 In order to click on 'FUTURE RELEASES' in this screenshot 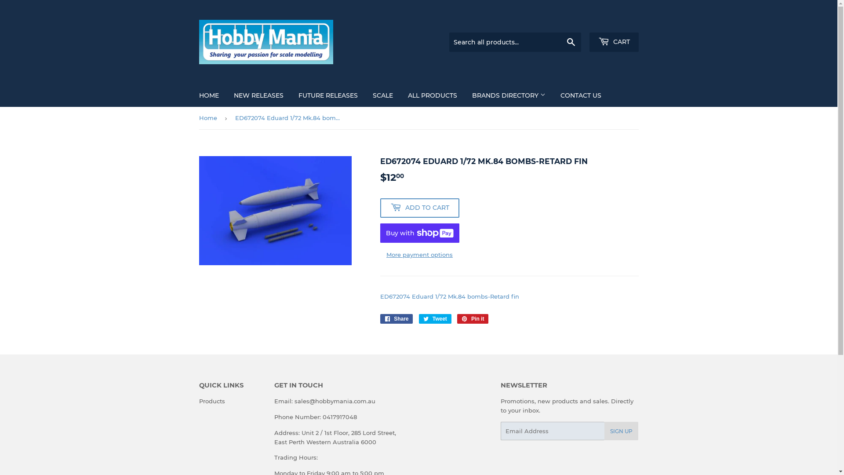, I will do `click(327, 95)`.